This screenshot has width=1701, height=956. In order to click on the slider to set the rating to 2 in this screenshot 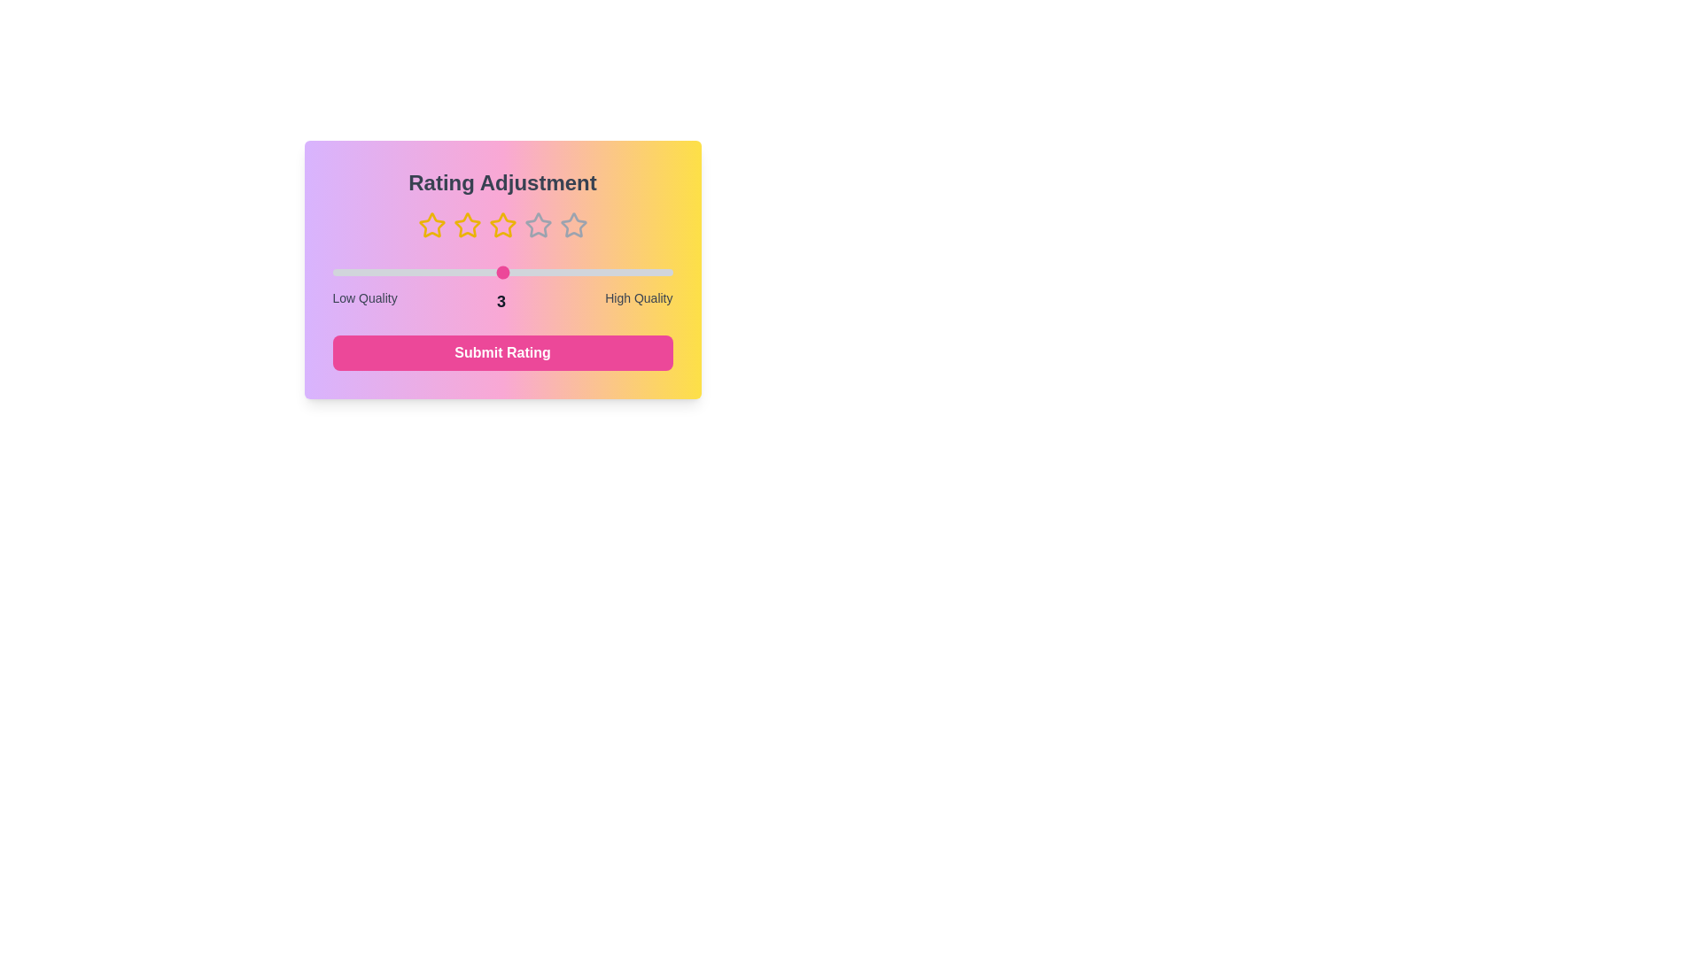, I will do `click(416, 273)`.